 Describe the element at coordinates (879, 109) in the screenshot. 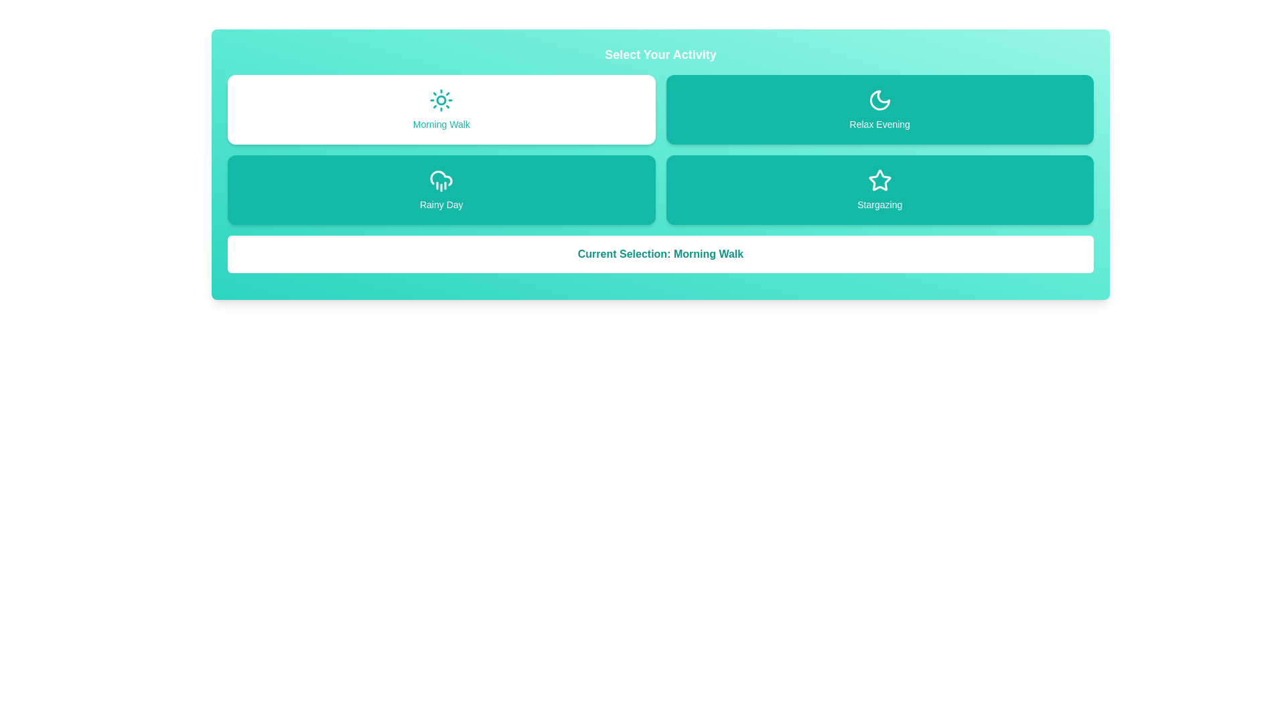

I see `the activity Relax Evening by clicking on its button` at that location.